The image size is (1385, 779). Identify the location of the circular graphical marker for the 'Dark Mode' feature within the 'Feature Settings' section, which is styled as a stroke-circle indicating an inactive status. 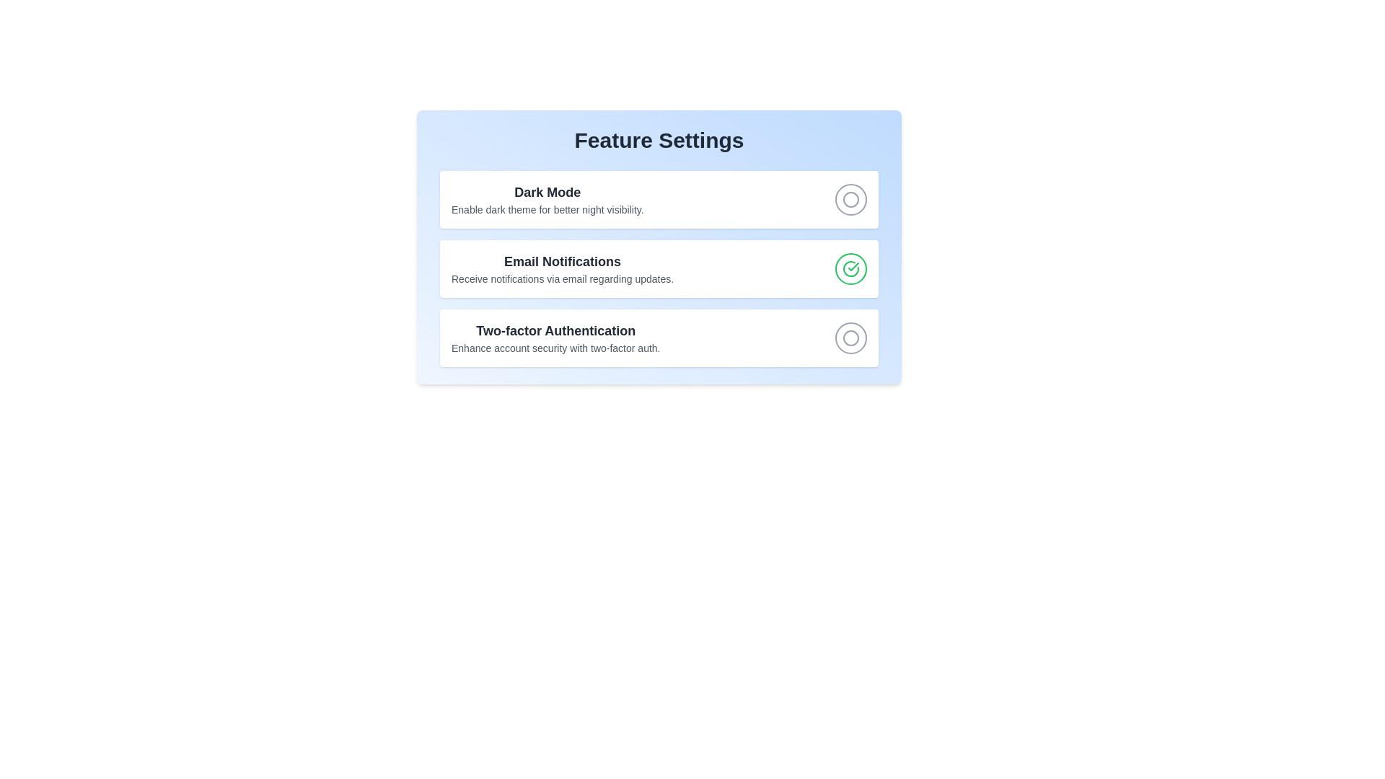
(851, 200).